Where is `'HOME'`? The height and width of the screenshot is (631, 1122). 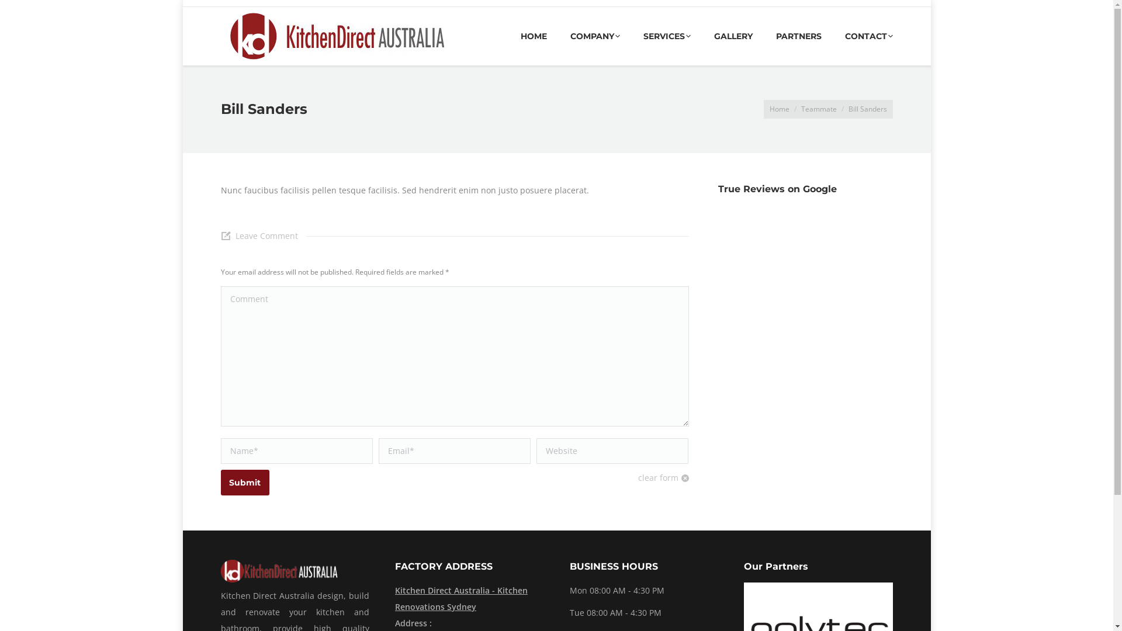
'HOME' is located at coordinates (519, 35).